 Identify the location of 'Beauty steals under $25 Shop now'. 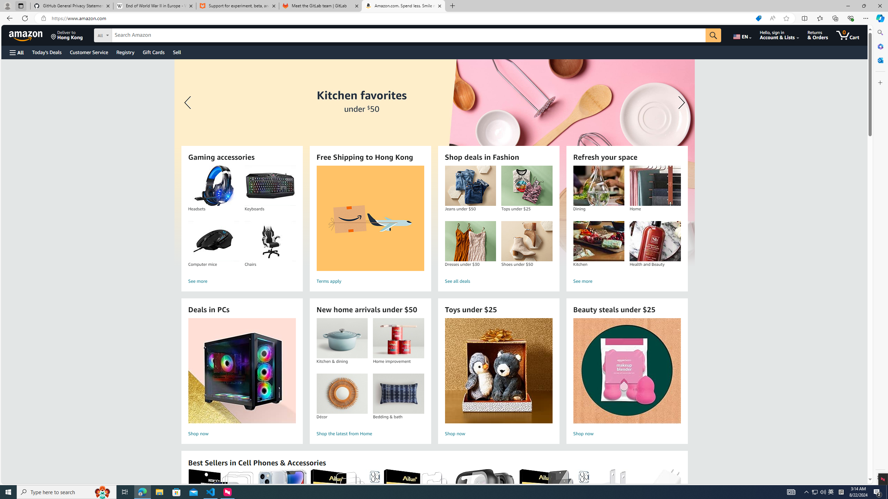
(627, 378).